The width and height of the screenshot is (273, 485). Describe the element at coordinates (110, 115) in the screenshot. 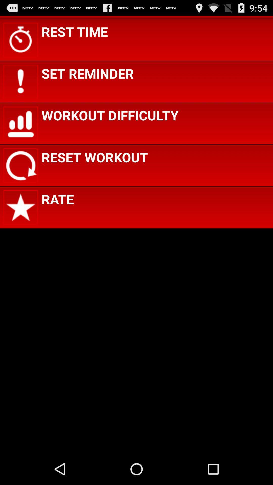

I see `icon above reset workout` at that location.